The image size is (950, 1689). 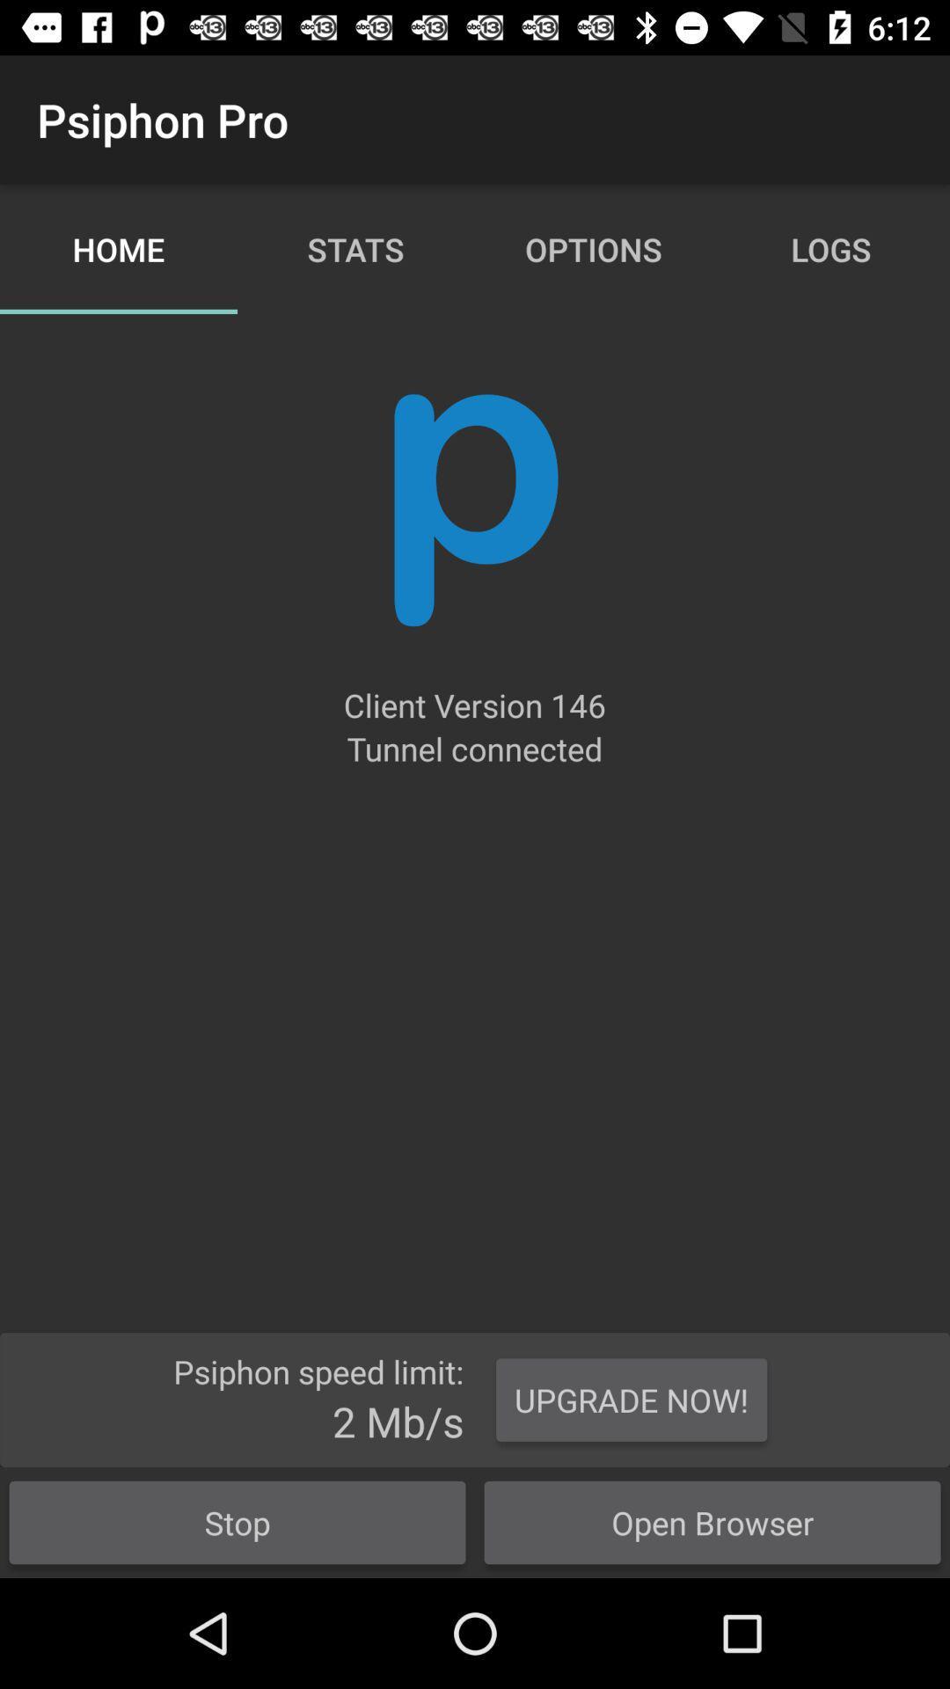 What do you see at coordinates (712, 1522) in the screenshot?
I see `open browser` at bounding box center [712, 1522].